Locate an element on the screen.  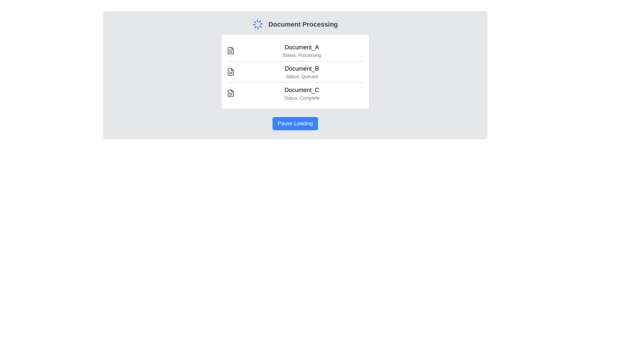
the document icon with a rectangular outline and a folded top-right corner, located next to 'Document_B' with the status 'Queued' is located at coordinates (230, 72).